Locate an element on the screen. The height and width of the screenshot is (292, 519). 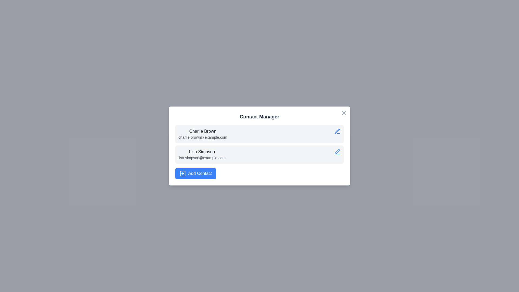
the 'X' button at the top-right corner of the dialog to close it is located at coordinates (344, 112).